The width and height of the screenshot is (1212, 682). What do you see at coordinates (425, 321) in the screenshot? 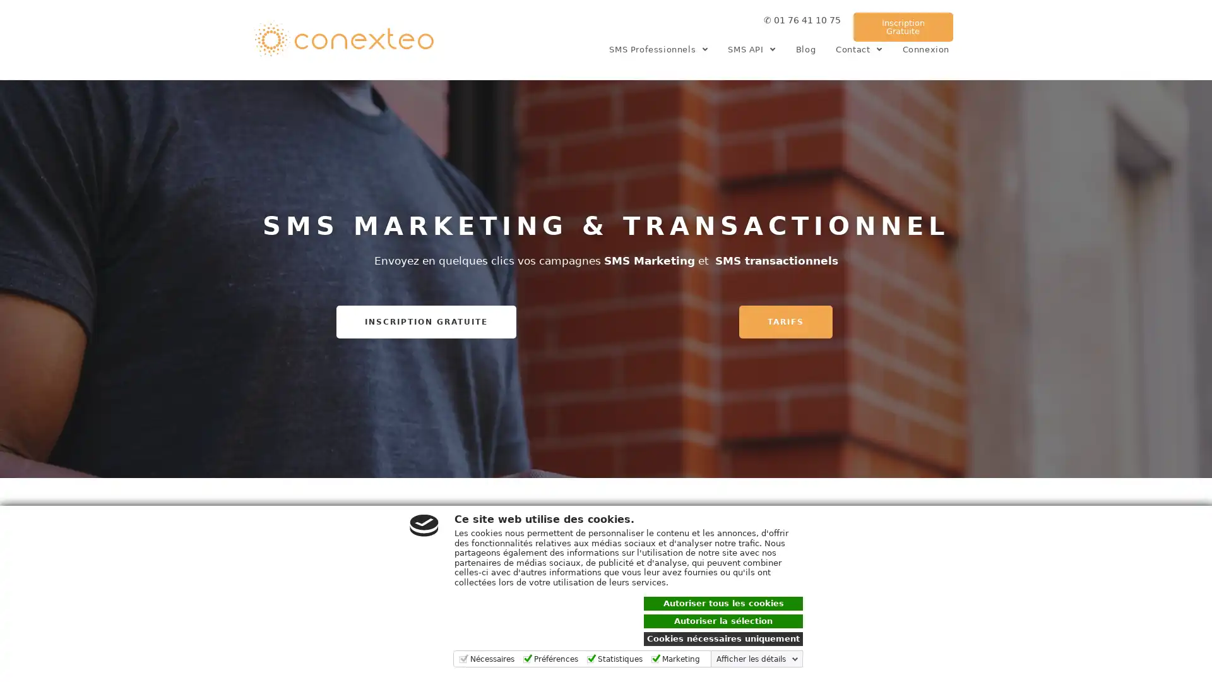
I see `INSCRIPTION GRATUITE` at bounding box center [425, 321].